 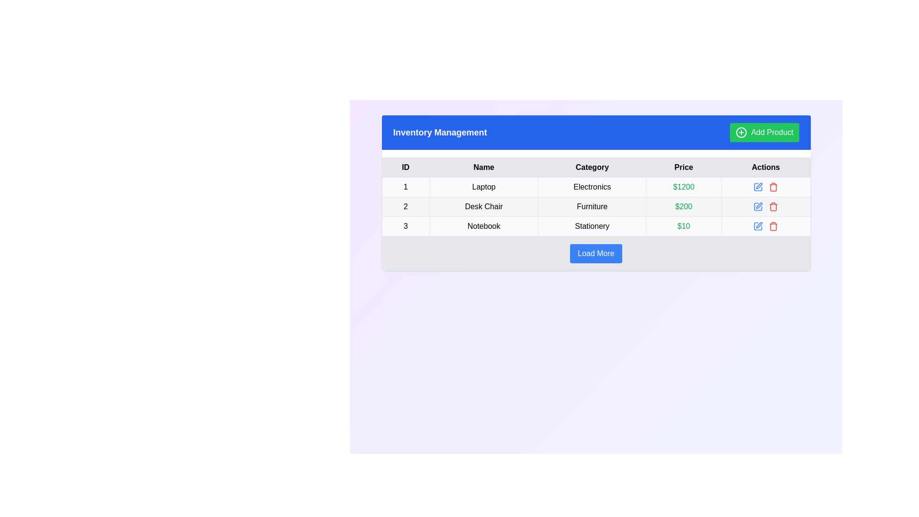 I want to click on the third column header of the table, which indicates category-related information, so click(x=592, y=167).